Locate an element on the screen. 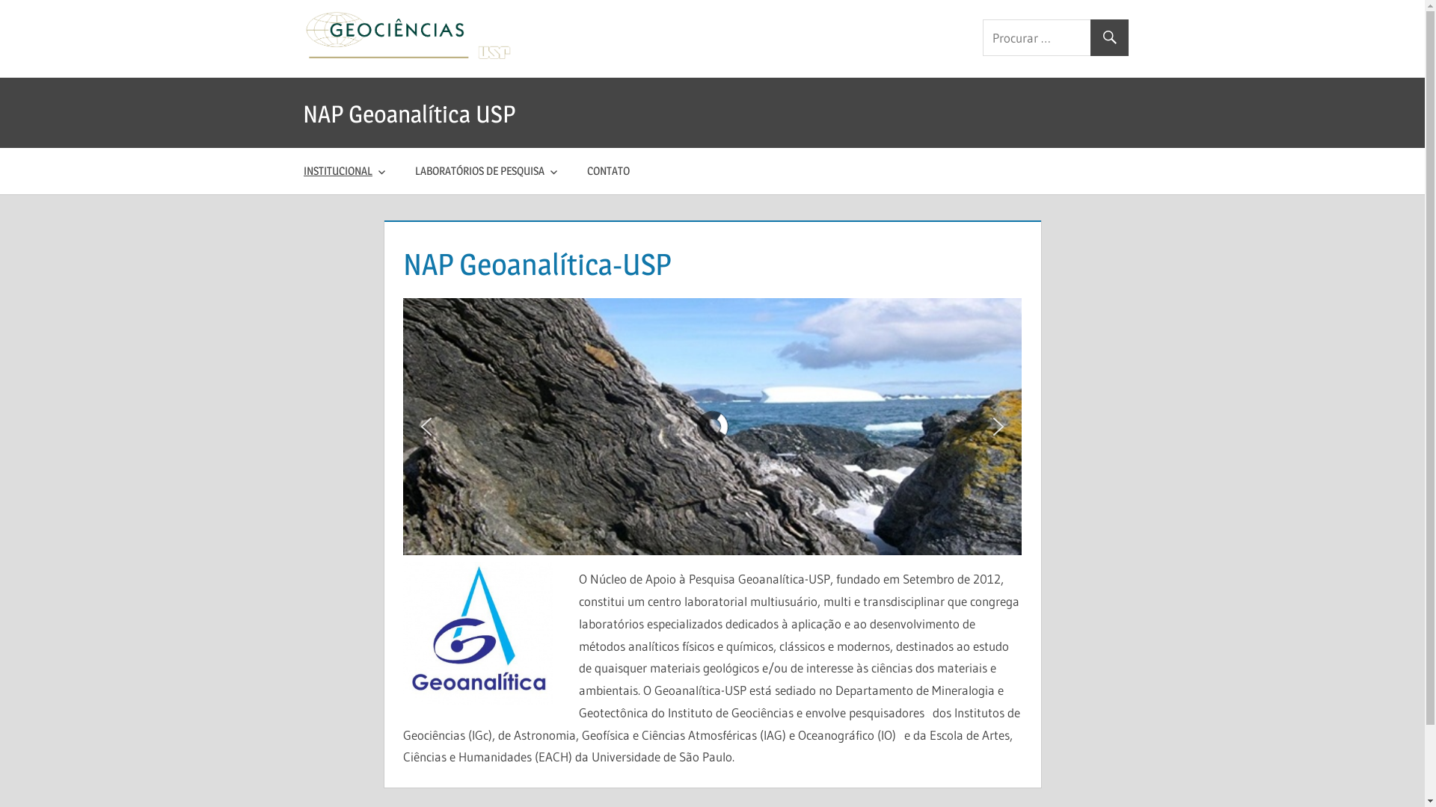 This screenshot has width=1436, height=807. 'INSTITUCIONAL' is located at coordinates (345, 170).